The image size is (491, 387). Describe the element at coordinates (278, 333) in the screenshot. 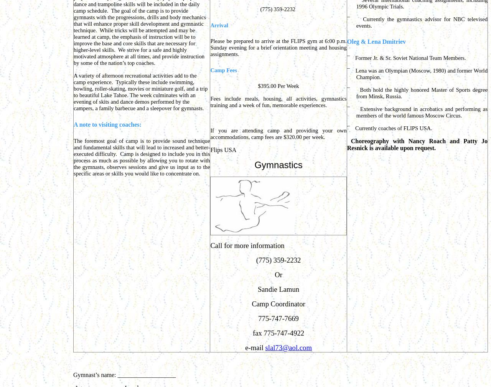

I see `'fax 775-747-4922'` at that location.